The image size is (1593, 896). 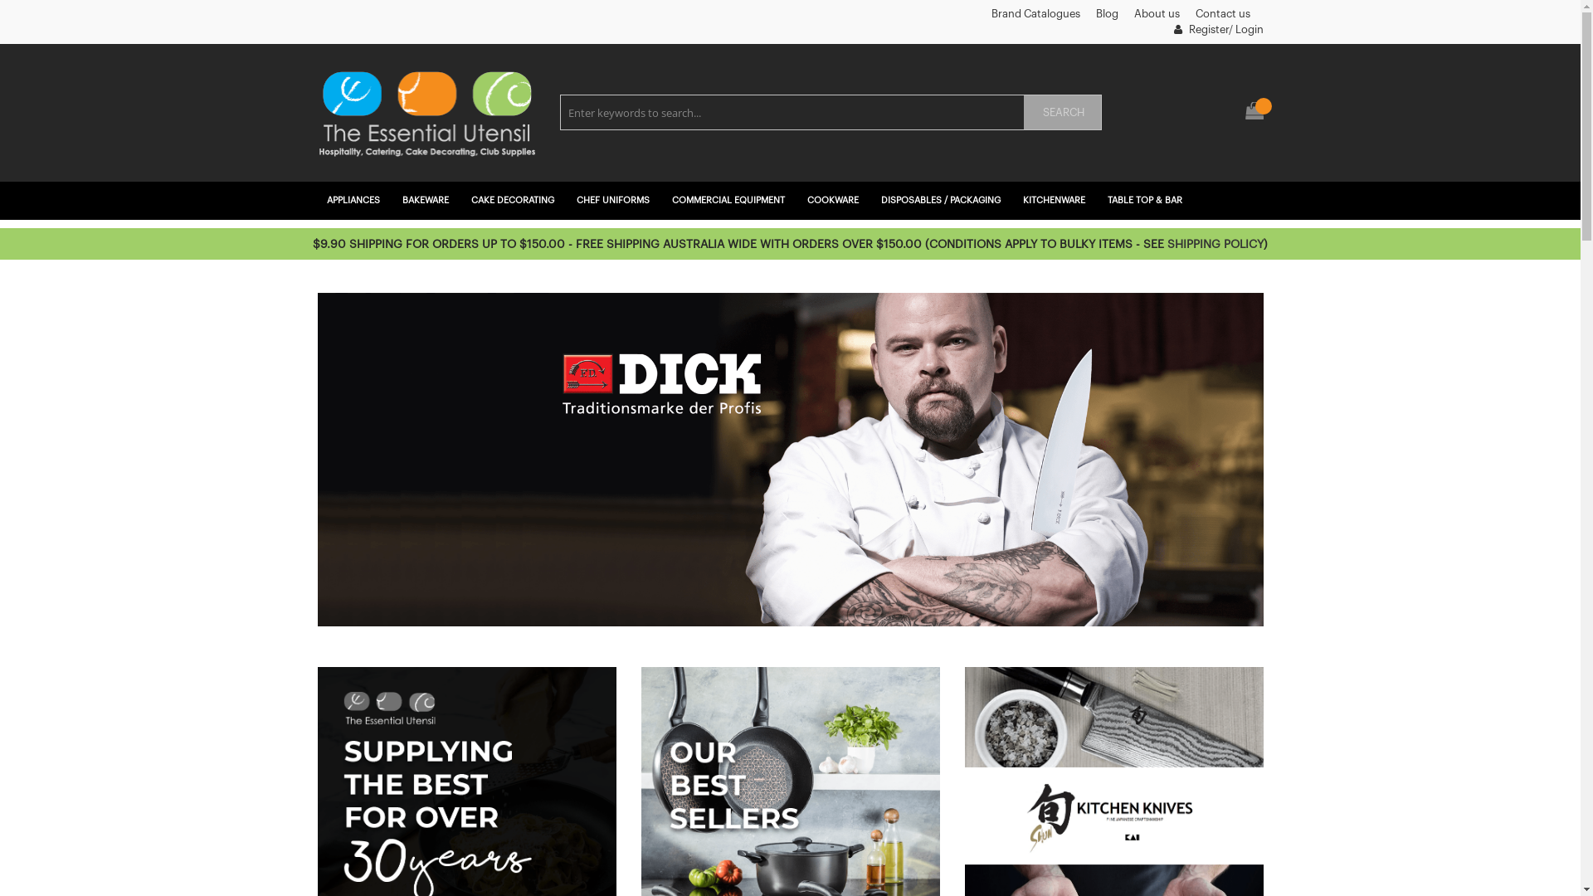 I want to click on 'SEARCH', so click(x=1062, y=112).